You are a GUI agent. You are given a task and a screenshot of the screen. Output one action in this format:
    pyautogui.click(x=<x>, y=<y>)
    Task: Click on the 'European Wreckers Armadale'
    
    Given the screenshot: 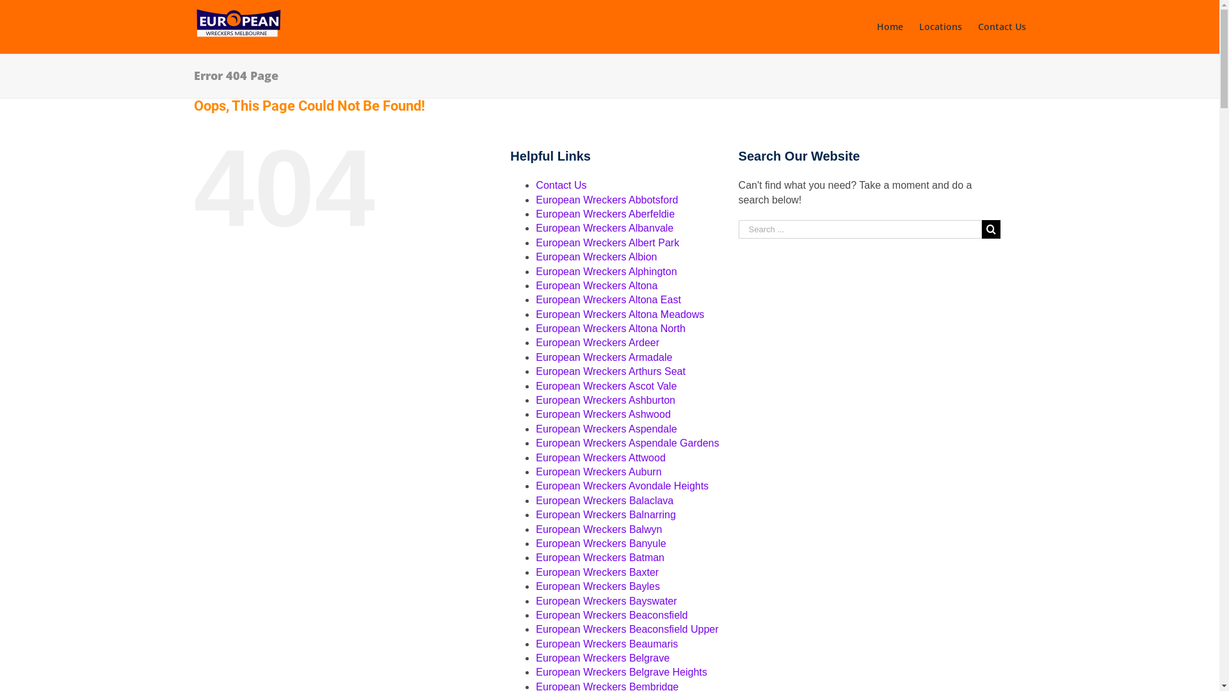 What is the action you would take?
    pyautogui.click(x=535, y=357)
    